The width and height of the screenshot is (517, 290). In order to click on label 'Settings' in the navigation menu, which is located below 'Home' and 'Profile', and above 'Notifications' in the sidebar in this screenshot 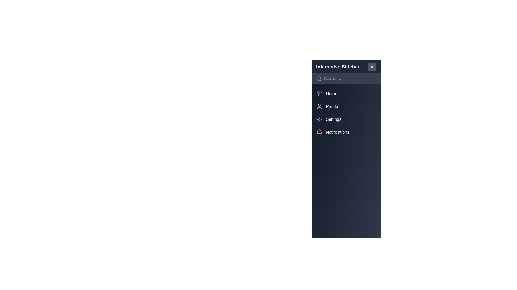, I will do `click(333, 119)`.